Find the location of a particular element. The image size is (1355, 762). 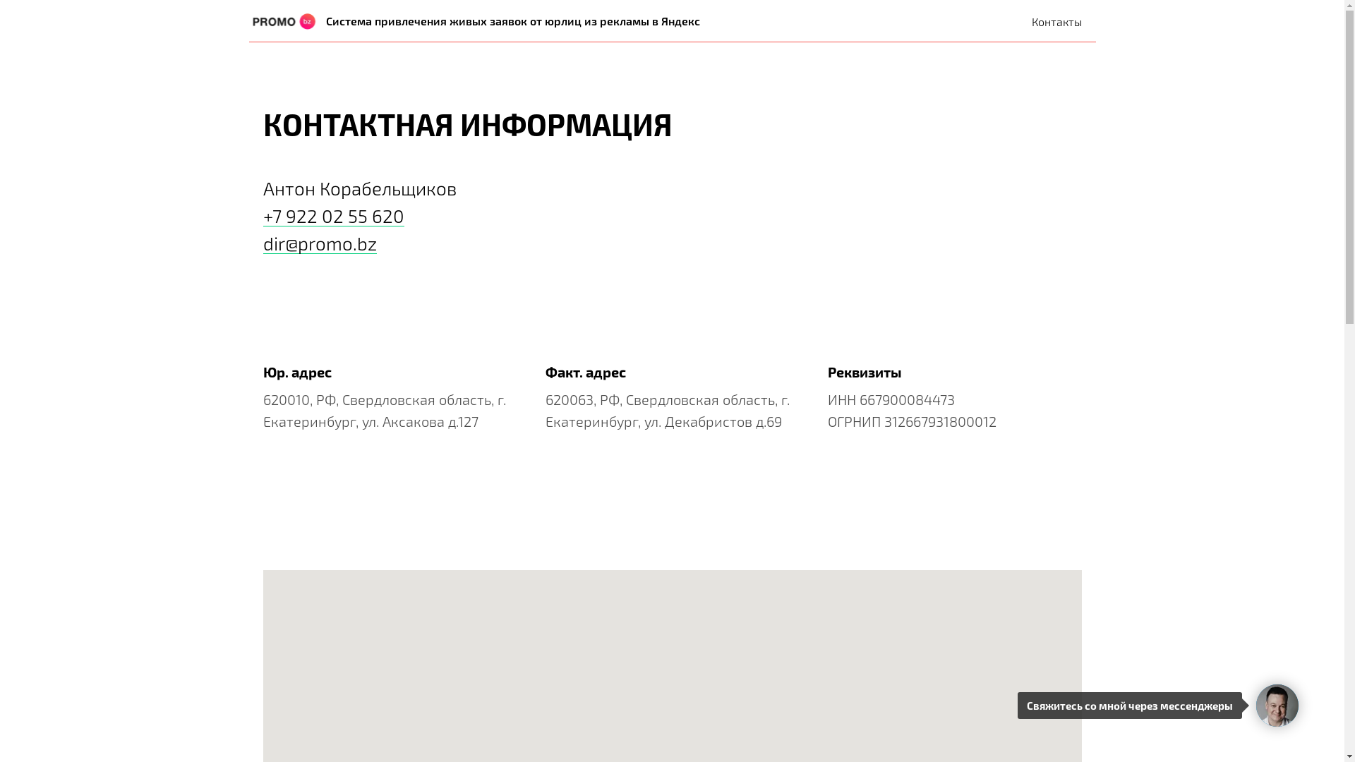

'dir@promo.bz' is located at coordinates (318, 242).